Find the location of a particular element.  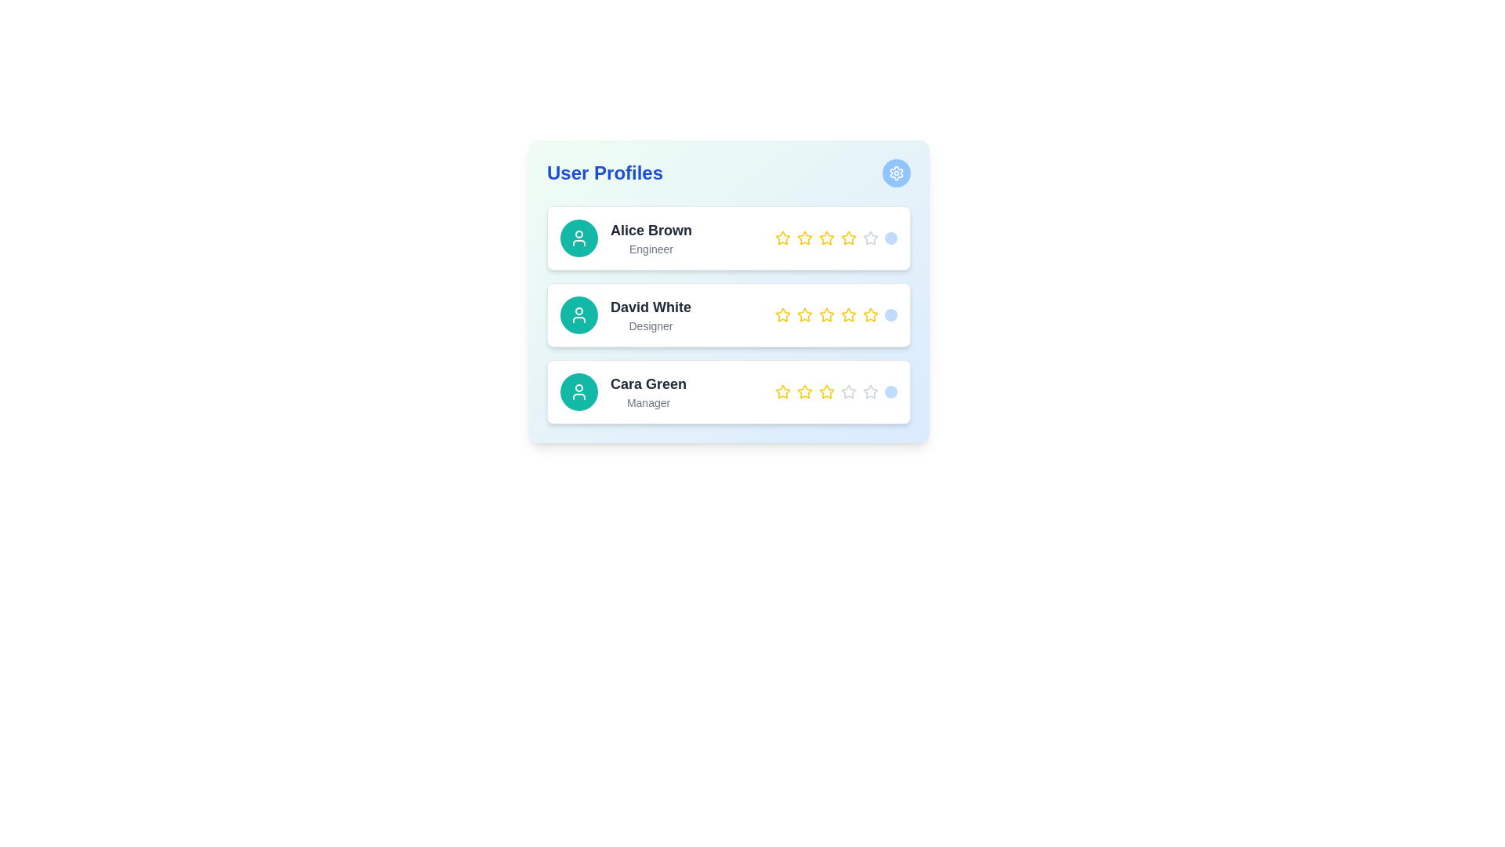

the third user profile in the user profile list, which includes the user's name and role along with an avatar icon is located at coordinates (622, 391).